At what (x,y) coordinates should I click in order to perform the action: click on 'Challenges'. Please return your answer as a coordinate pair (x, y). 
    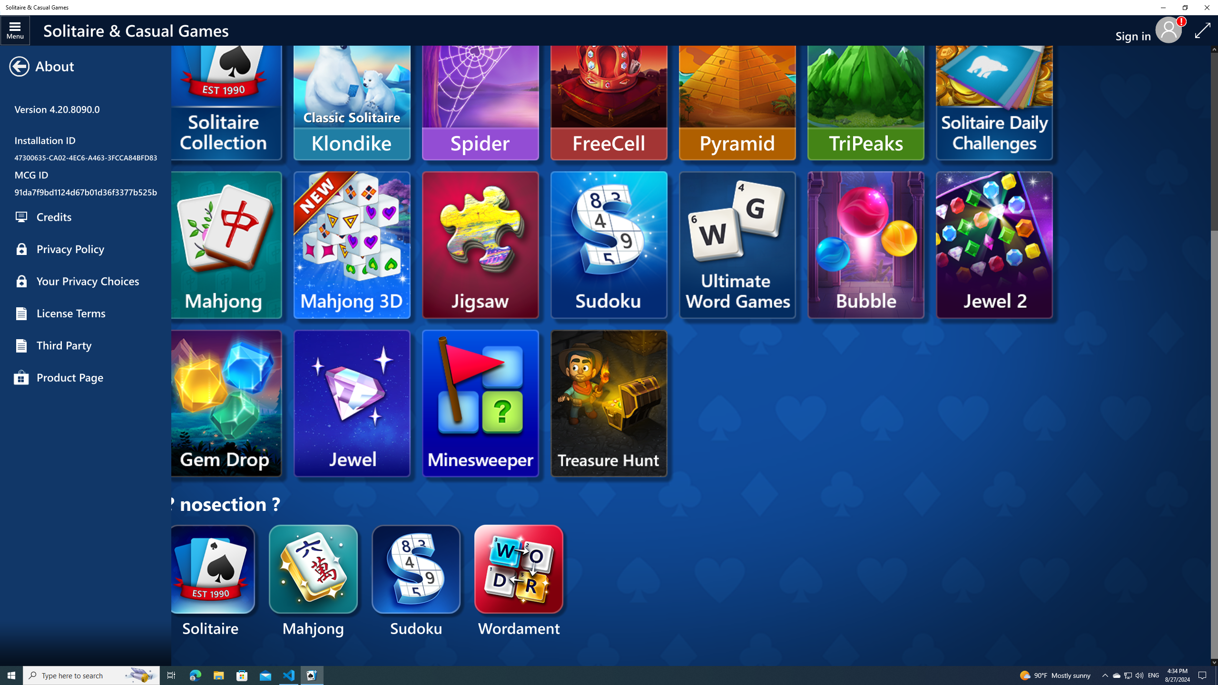
    Looking at the image, I should click on (993, 86).